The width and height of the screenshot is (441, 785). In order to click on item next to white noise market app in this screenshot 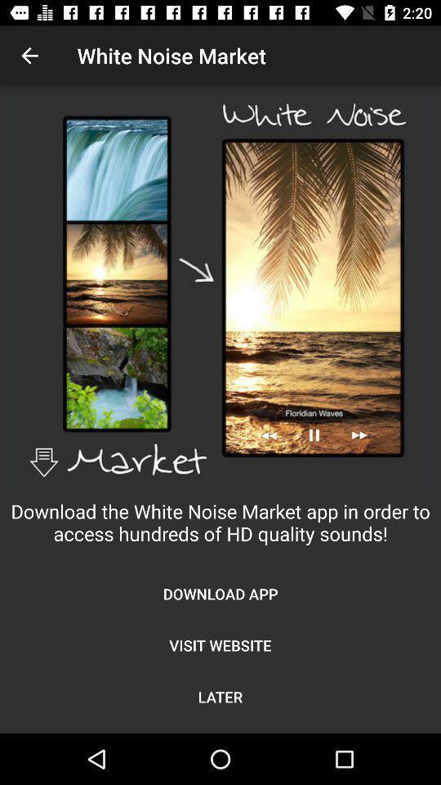, I will do `click(29, 56)`.